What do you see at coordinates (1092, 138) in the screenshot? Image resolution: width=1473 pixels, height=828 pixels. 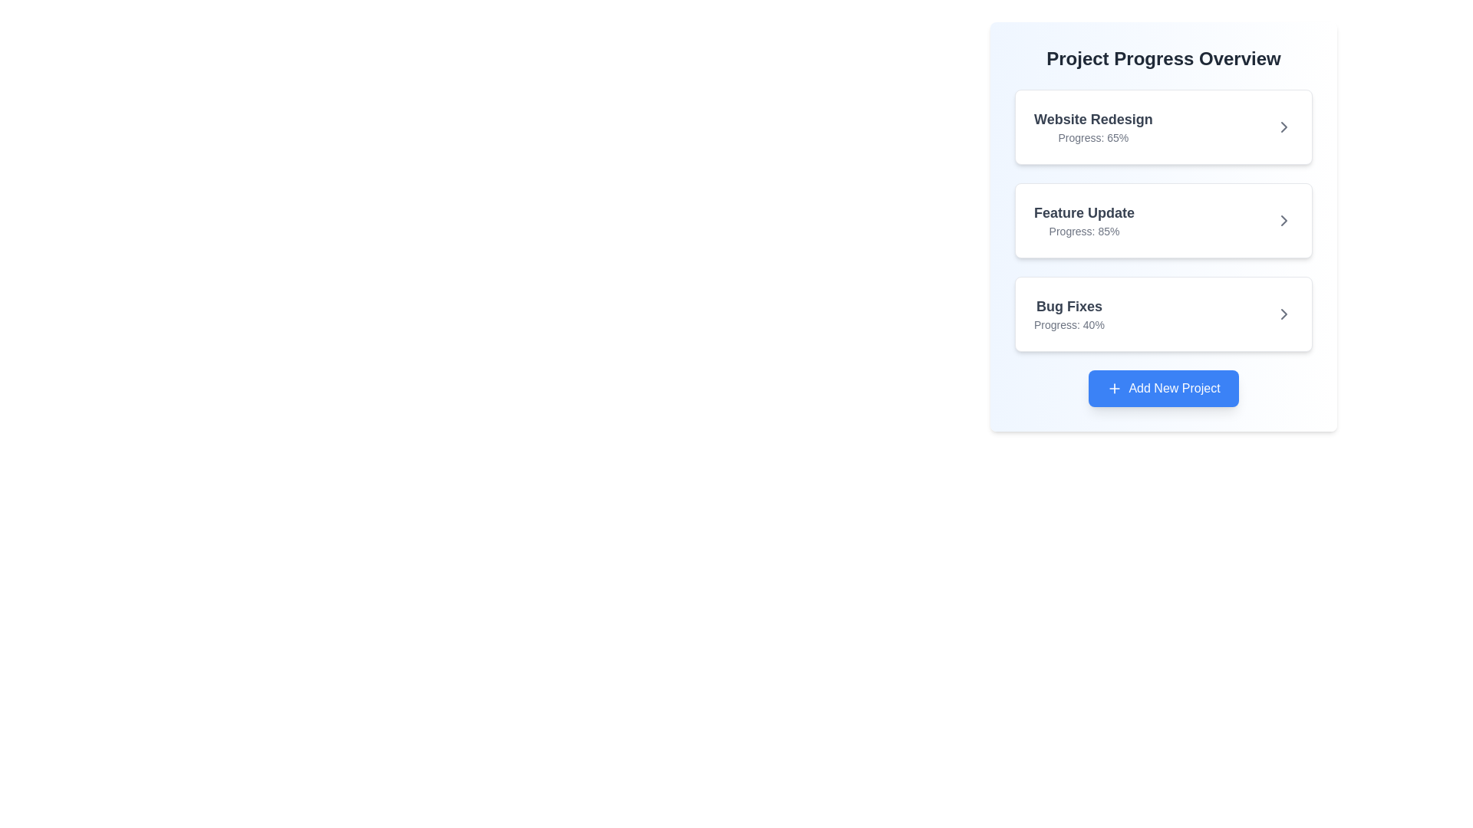 I see `the text label displaying 'Progress: 65%' located below 'Website Redesign' in the project card under 'Project Progress Overview'` at bounding box center [1092, 138].